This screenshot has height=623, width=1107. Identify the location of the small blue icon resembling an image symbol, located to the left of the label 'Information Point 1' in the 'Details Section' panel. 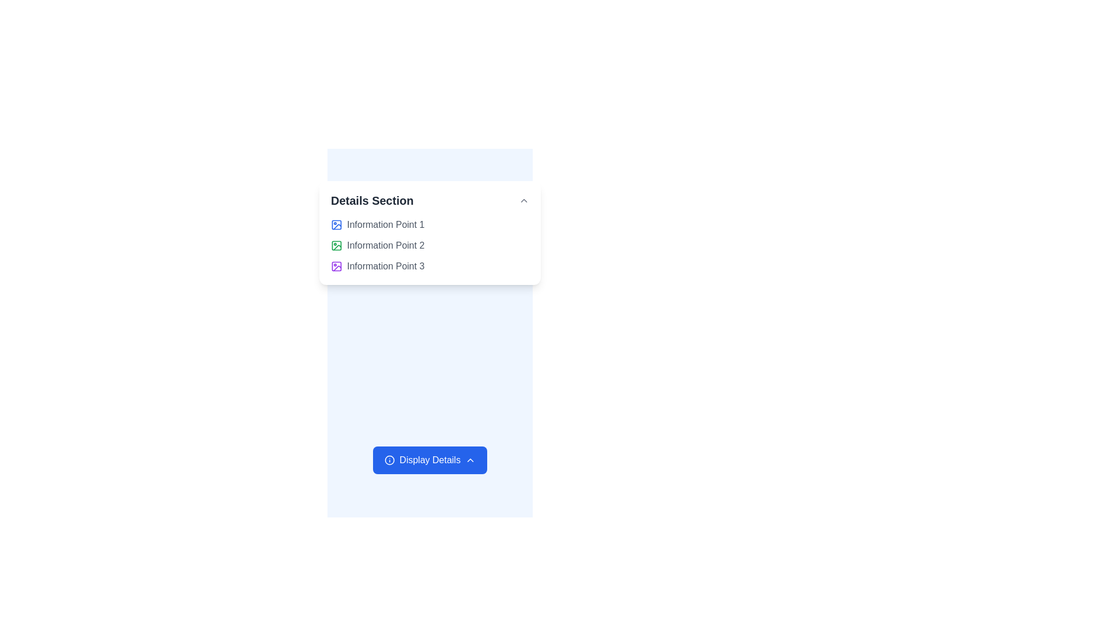
(336, 224).